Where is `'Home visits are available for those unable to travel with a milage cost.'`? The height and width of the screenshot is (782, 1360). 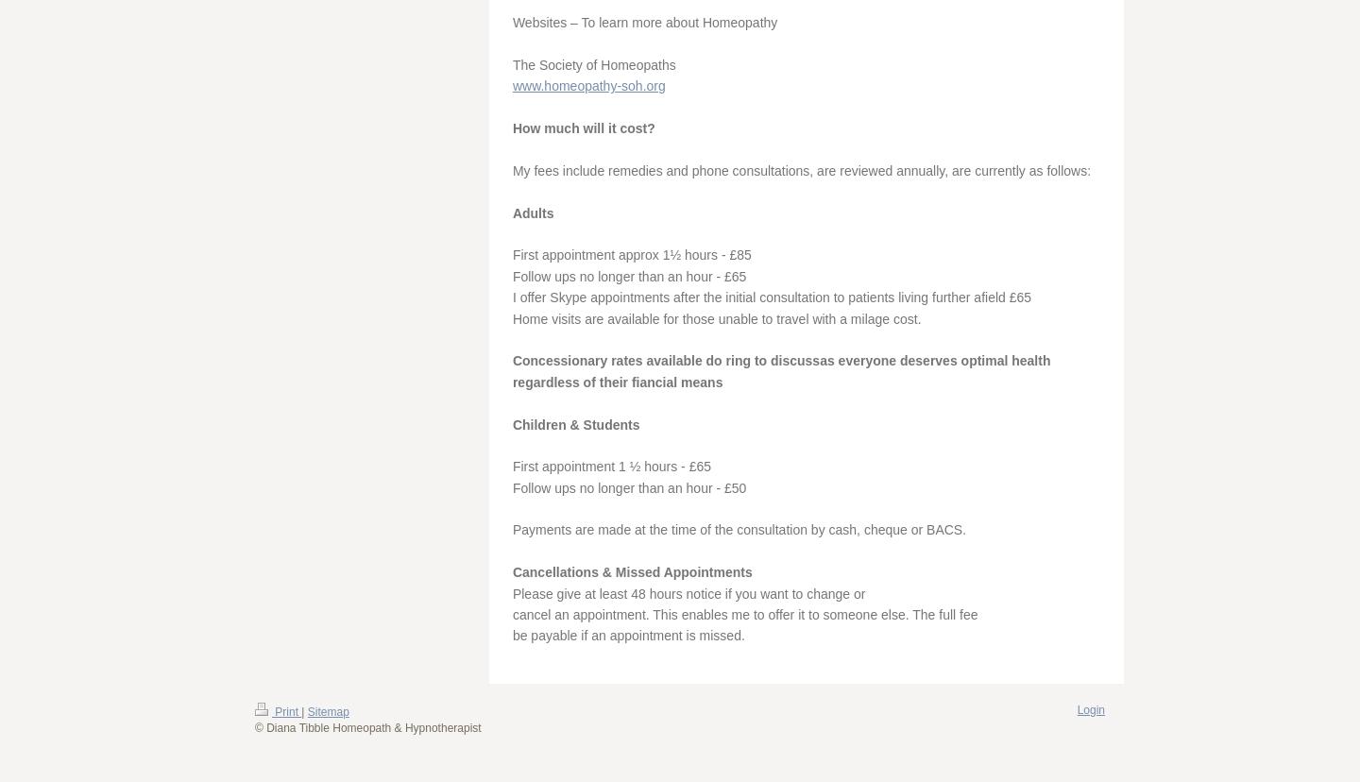 'Home visits are available for those unable to travel with a milage cost.' is located at coordinates (715, 316).